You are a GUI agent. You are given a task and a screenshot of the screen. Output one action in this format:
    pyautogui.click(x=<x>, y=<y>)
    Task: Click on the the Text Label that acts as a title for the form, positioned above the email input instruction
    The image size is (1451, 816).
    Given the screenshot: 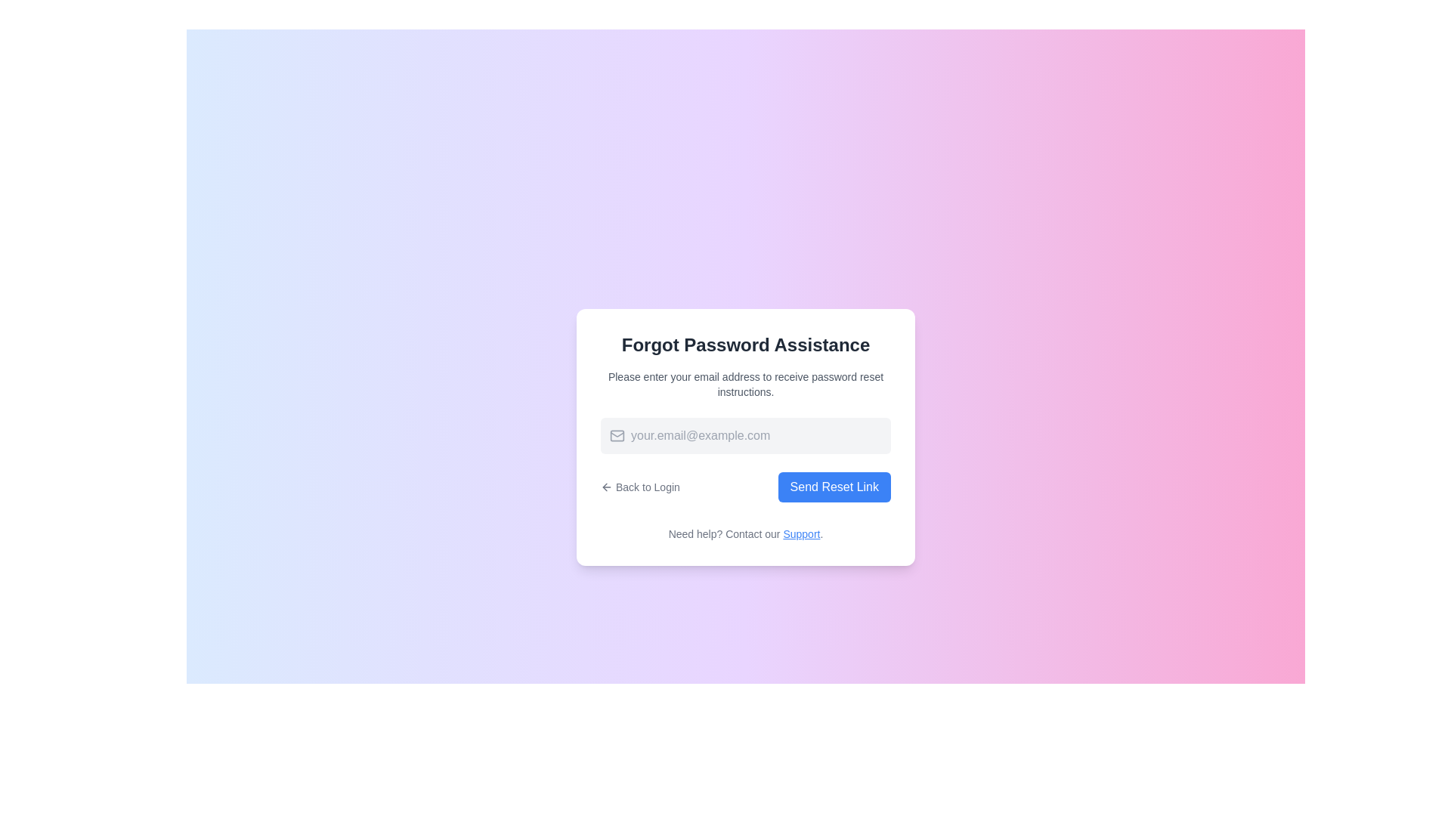 What is the action you would take?
    pyautogui.click(x=746, y=345)
    